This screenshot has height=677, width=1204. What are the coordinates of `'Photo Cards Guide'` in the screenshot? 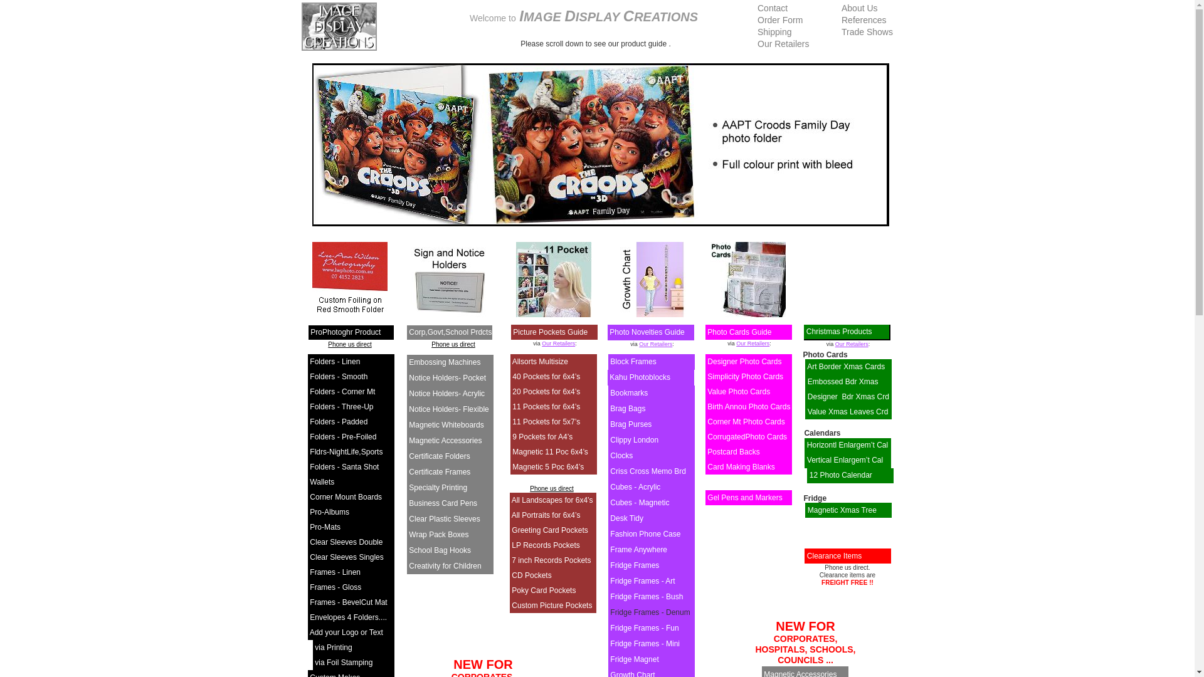 It's located at (739, 331).